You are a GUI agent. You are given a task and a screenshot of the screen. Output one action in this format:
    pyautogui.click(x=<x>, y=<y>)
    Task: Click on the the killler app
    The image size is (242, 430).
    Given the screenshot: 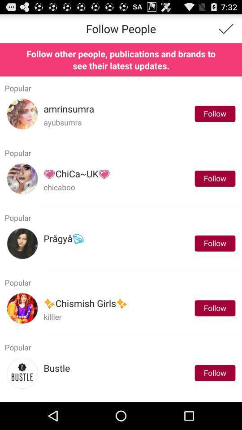 What is the action you would take?
    pyautogui.click(x=52, y=317)
    